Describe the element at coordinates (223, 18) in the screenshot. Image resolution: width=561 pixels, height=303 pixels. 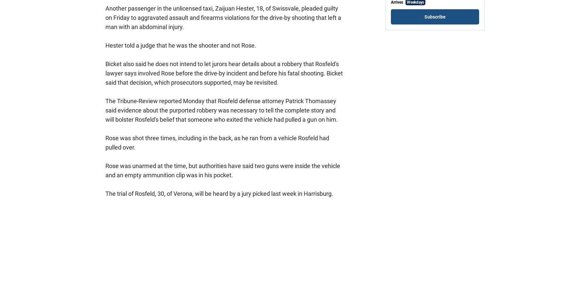
I see `'Another passenger in the unlicensed taxi, Zaijuan Hester, 18, of Swissvale, pleaded guilty on Friday to aggravated assault and firearms violations for the drive-by shooting that left a man with an abdominal injury.'` at that location.